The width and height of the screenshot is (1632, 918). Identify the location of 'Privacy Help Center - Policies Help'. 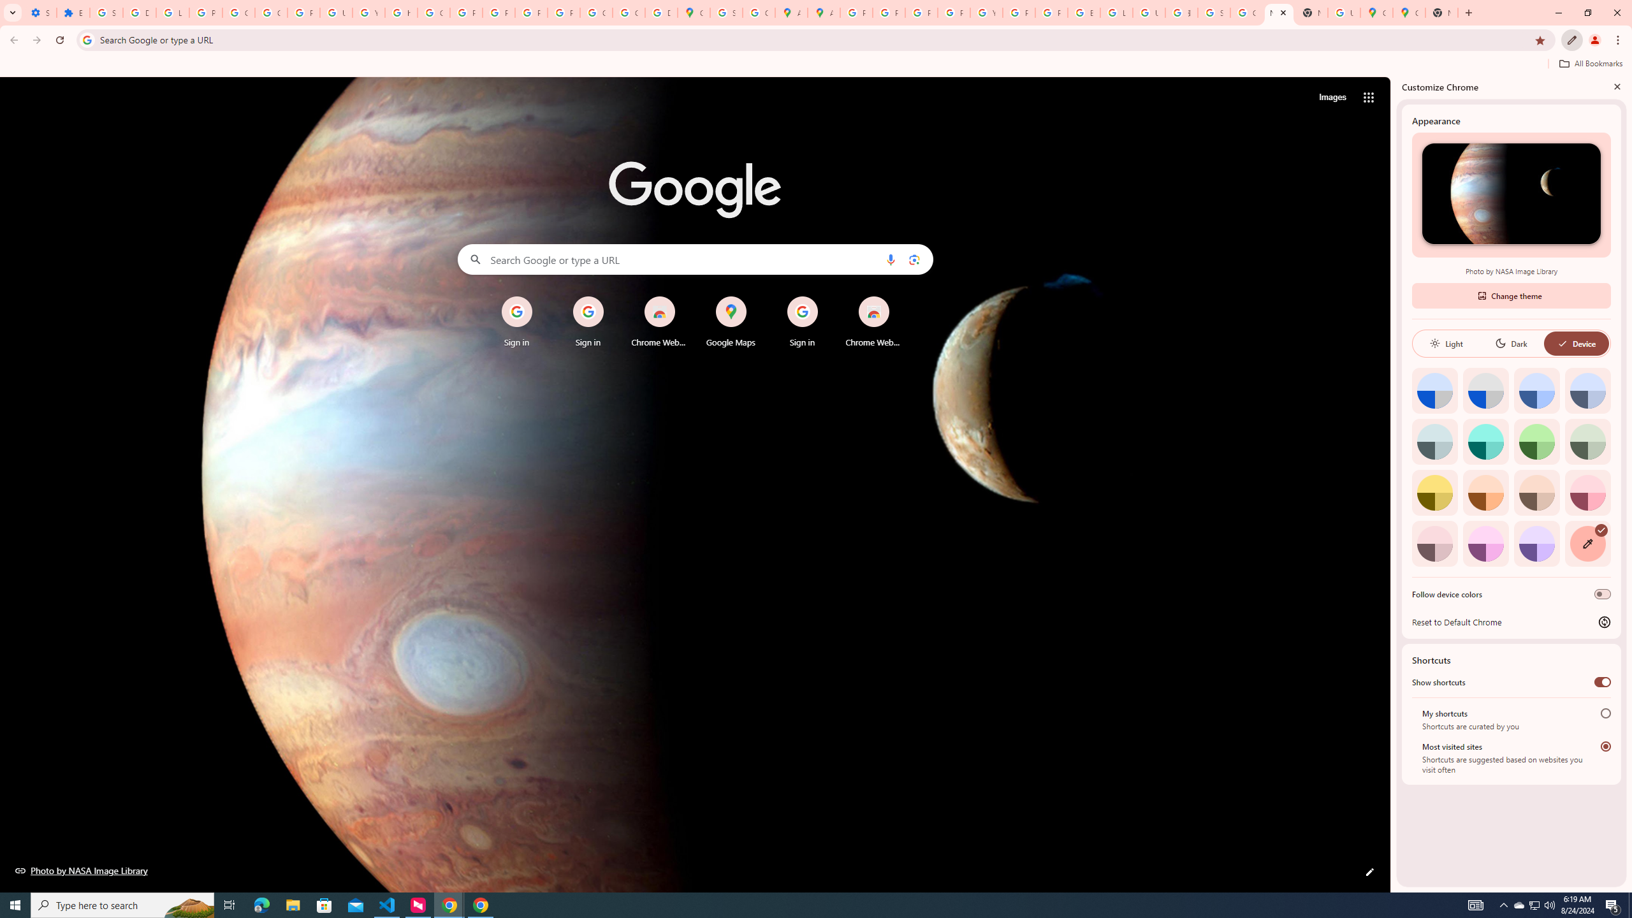
(888, 12).